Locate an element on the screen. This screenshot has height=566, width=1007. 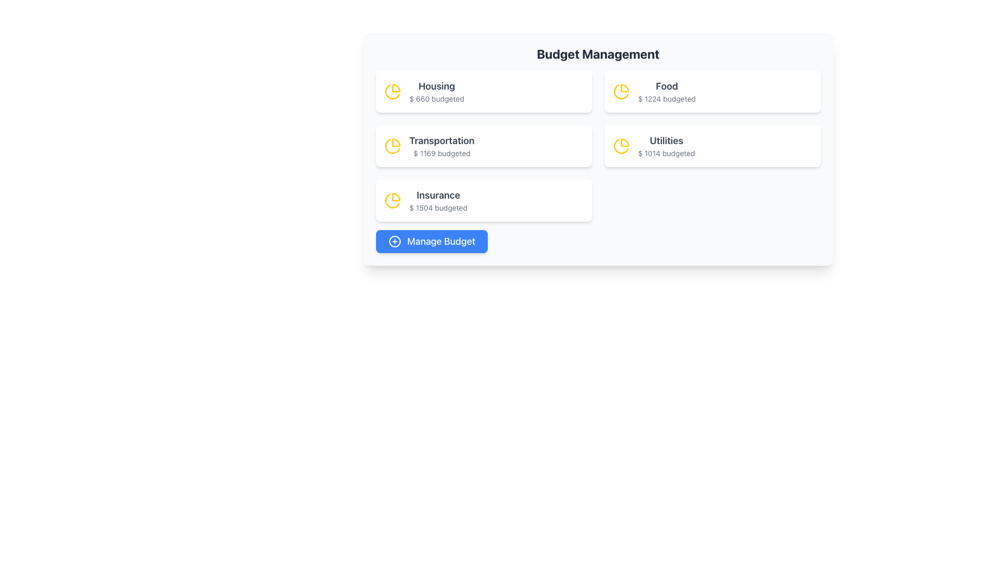
the Text block element displaying 'Transportation' in bold and '$ 1169 budgeted' in light gray, located within a white rounded rectangle card in the Budget Management section is located at coordinates (442, 146).